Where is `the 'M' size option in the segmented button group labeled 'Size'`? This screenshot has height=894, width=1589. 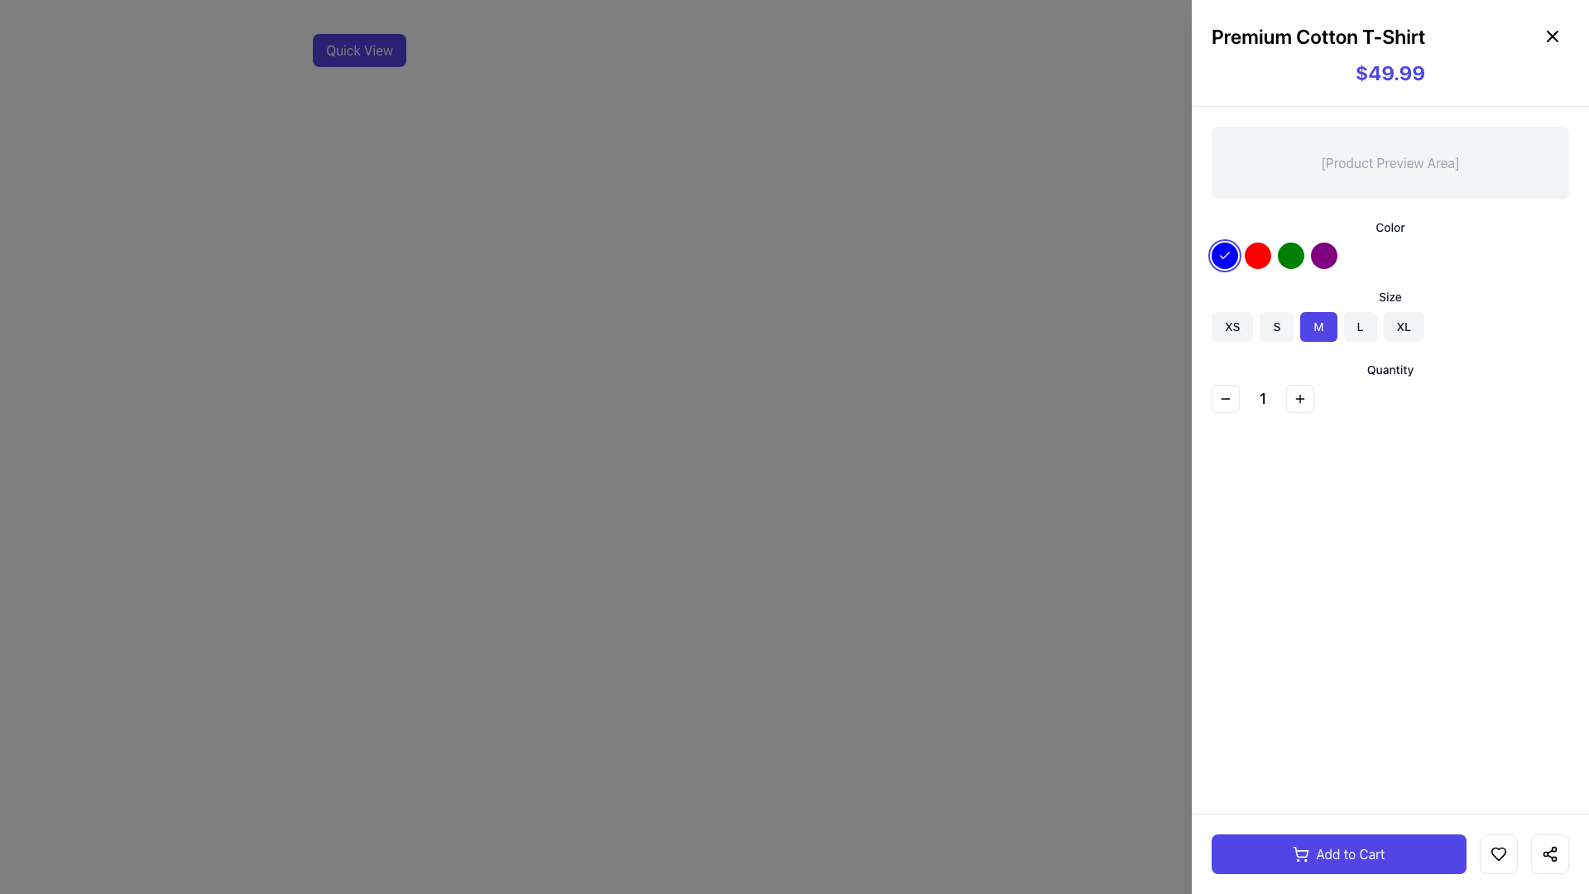
the 'M' size option in the segmented button group labeled 'Size' is located at coordinates (1390, 315).